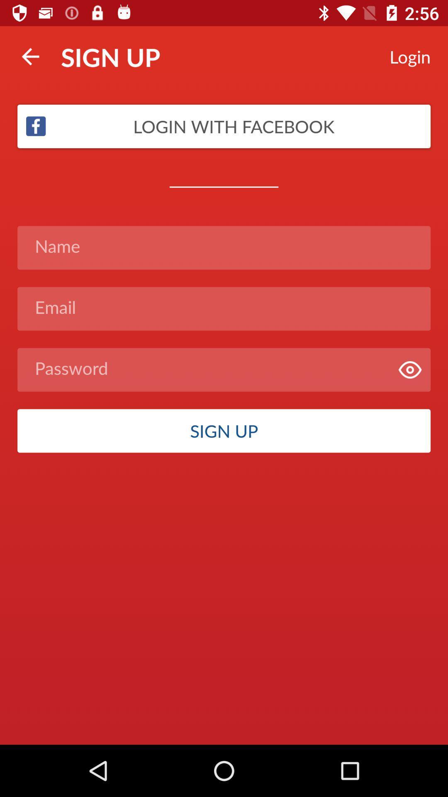  I want to click on the visibility icon, so click(409, 369).